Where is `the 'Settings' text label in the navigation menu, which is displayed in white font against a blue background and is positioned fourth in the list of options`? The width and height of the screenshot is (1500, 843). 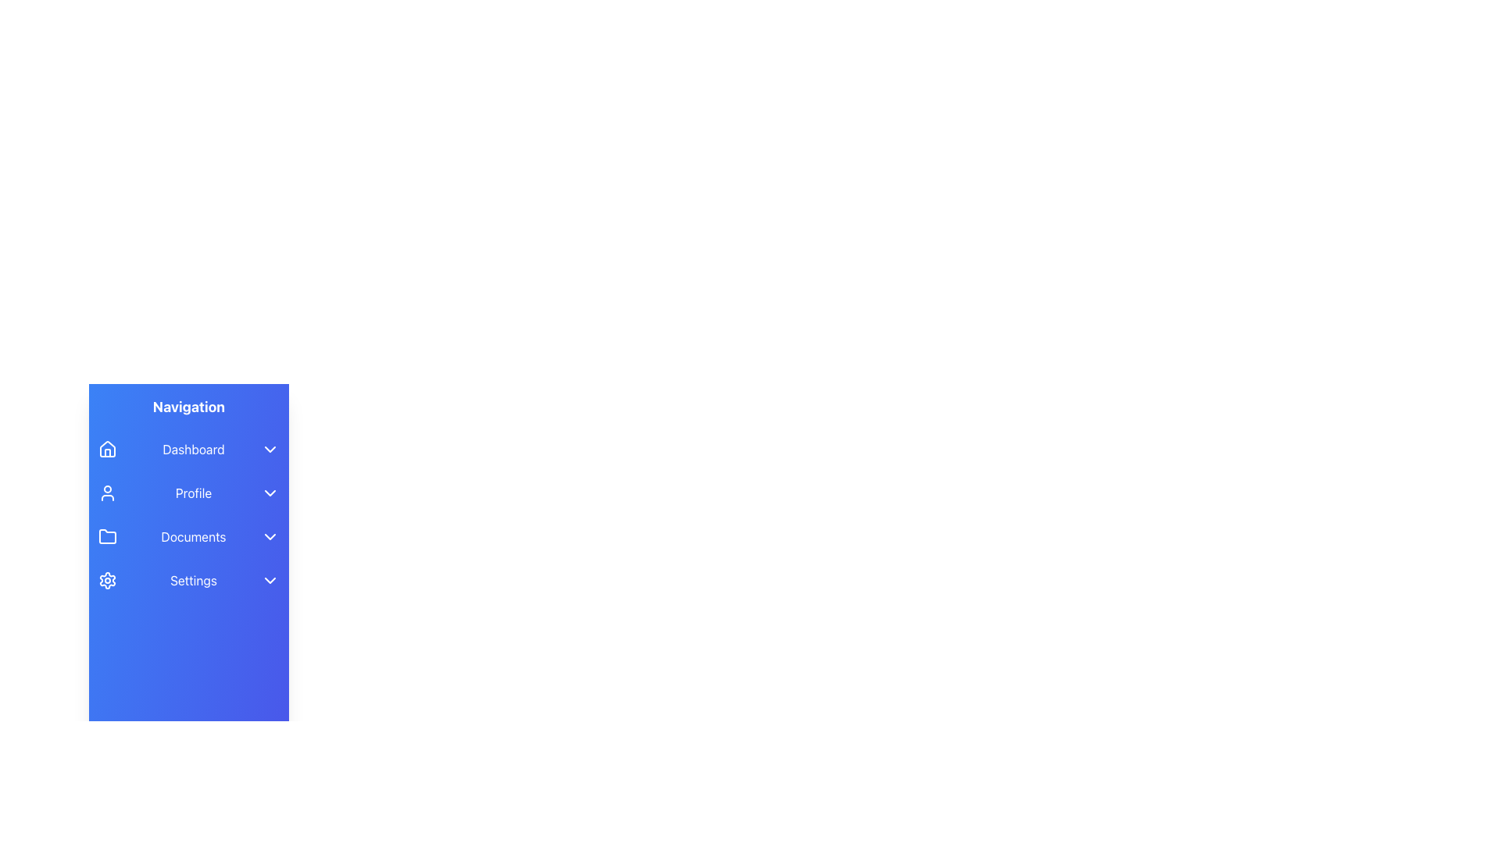 the 'Settings' text label in the navigation menu, which is displayed in white font against a blue background and is positioned fourth in the list of options is located at coordinates (193, 581).